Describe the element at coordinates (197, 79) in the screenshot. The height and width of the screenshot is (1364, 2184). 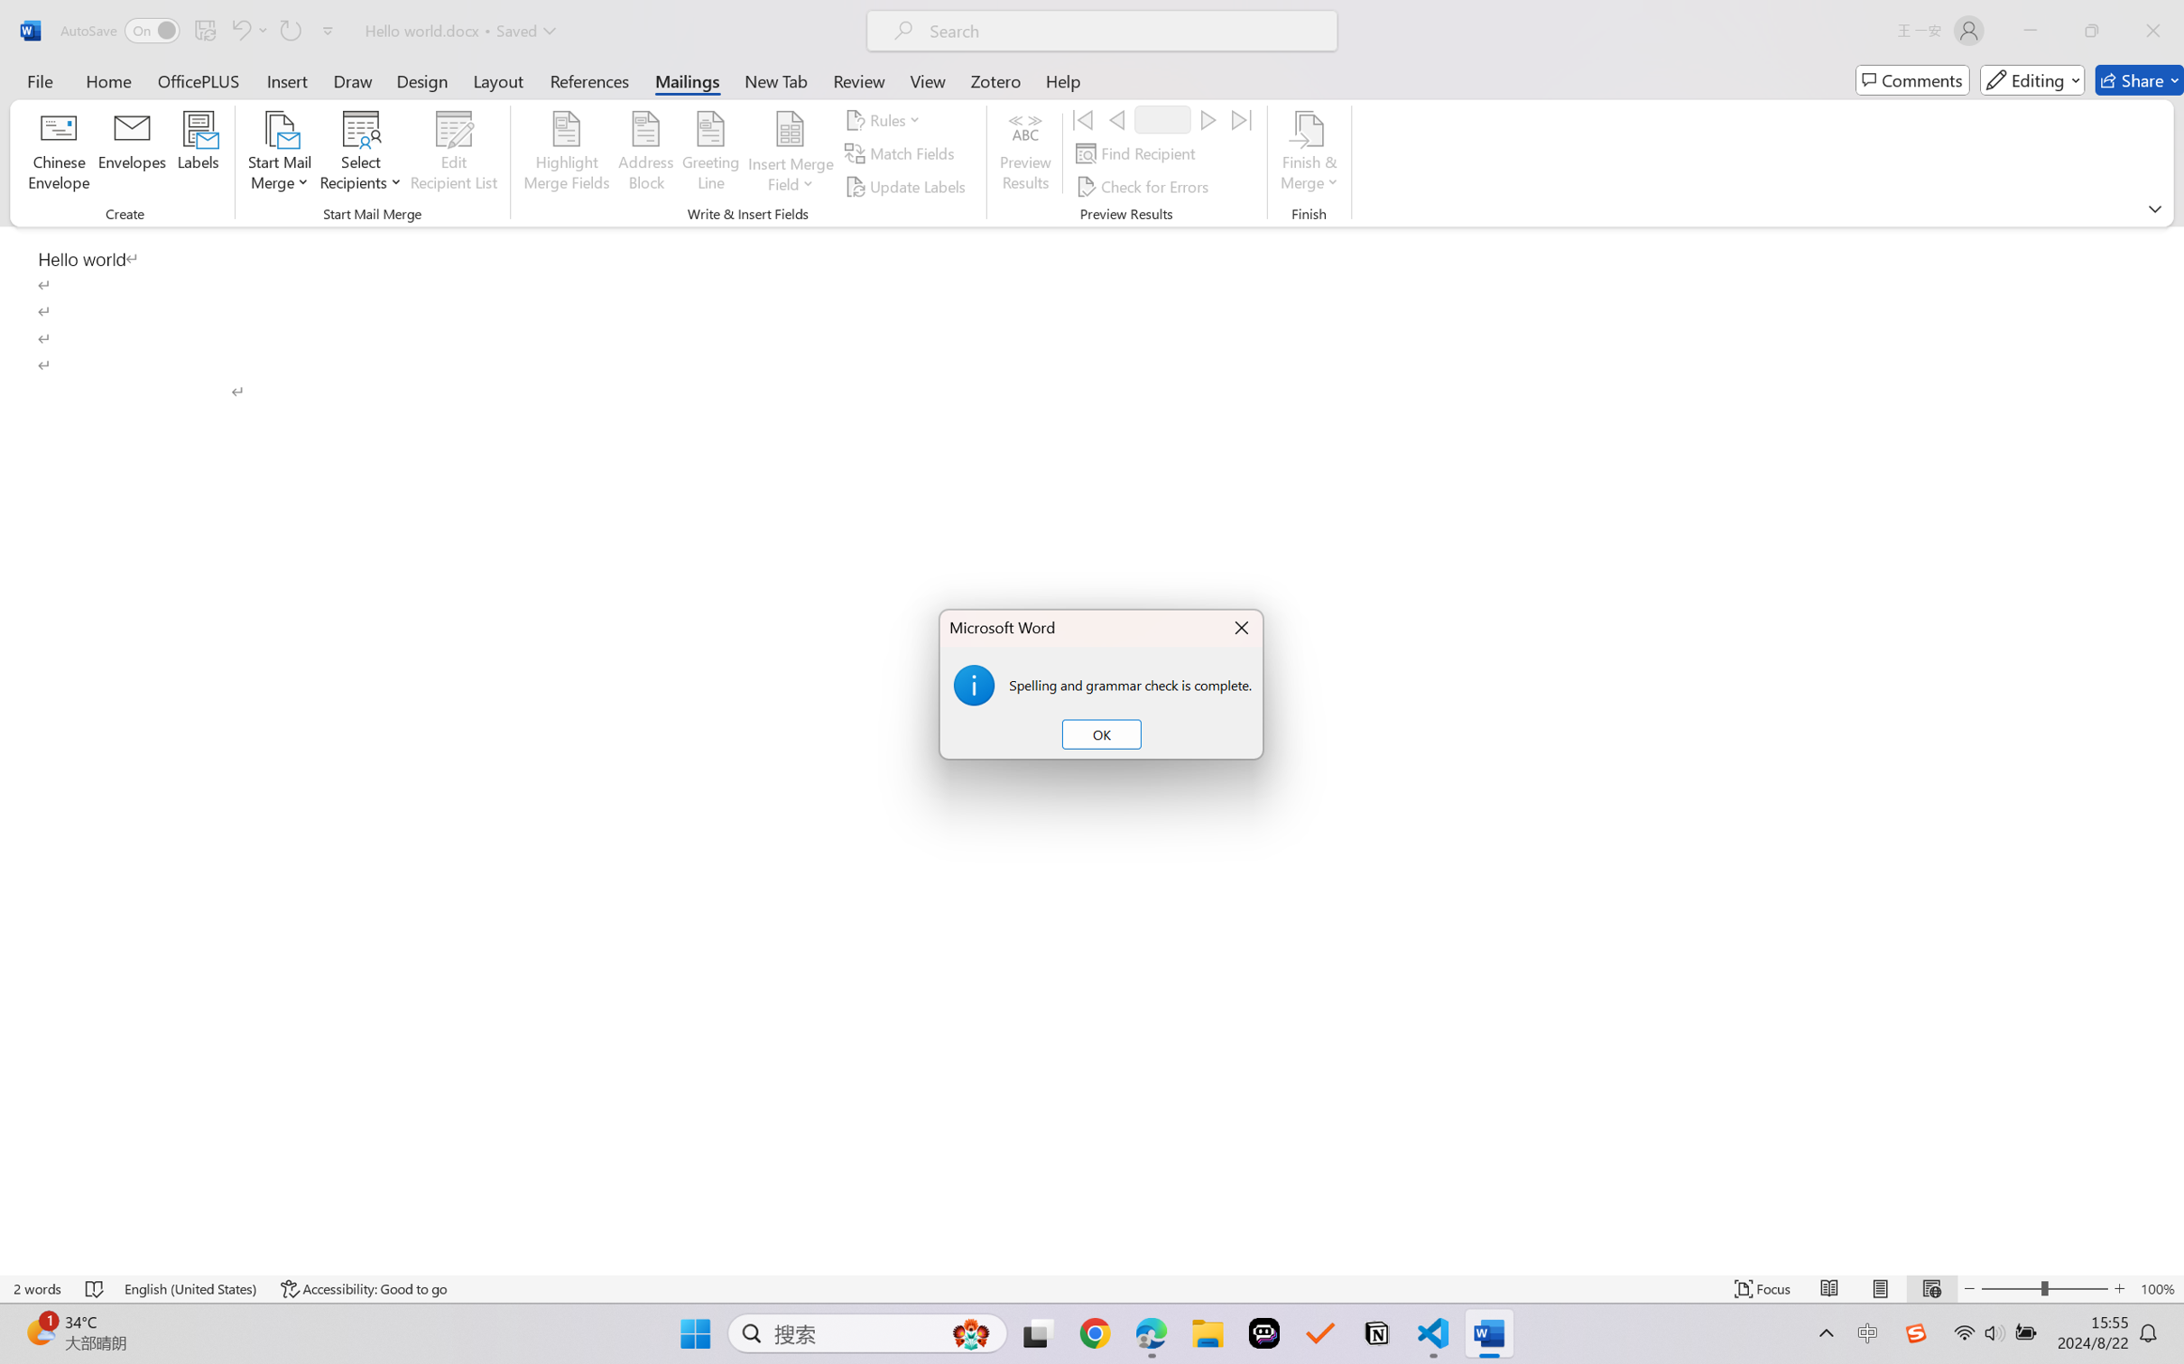
I see `'OfficePLUS'` at that location.